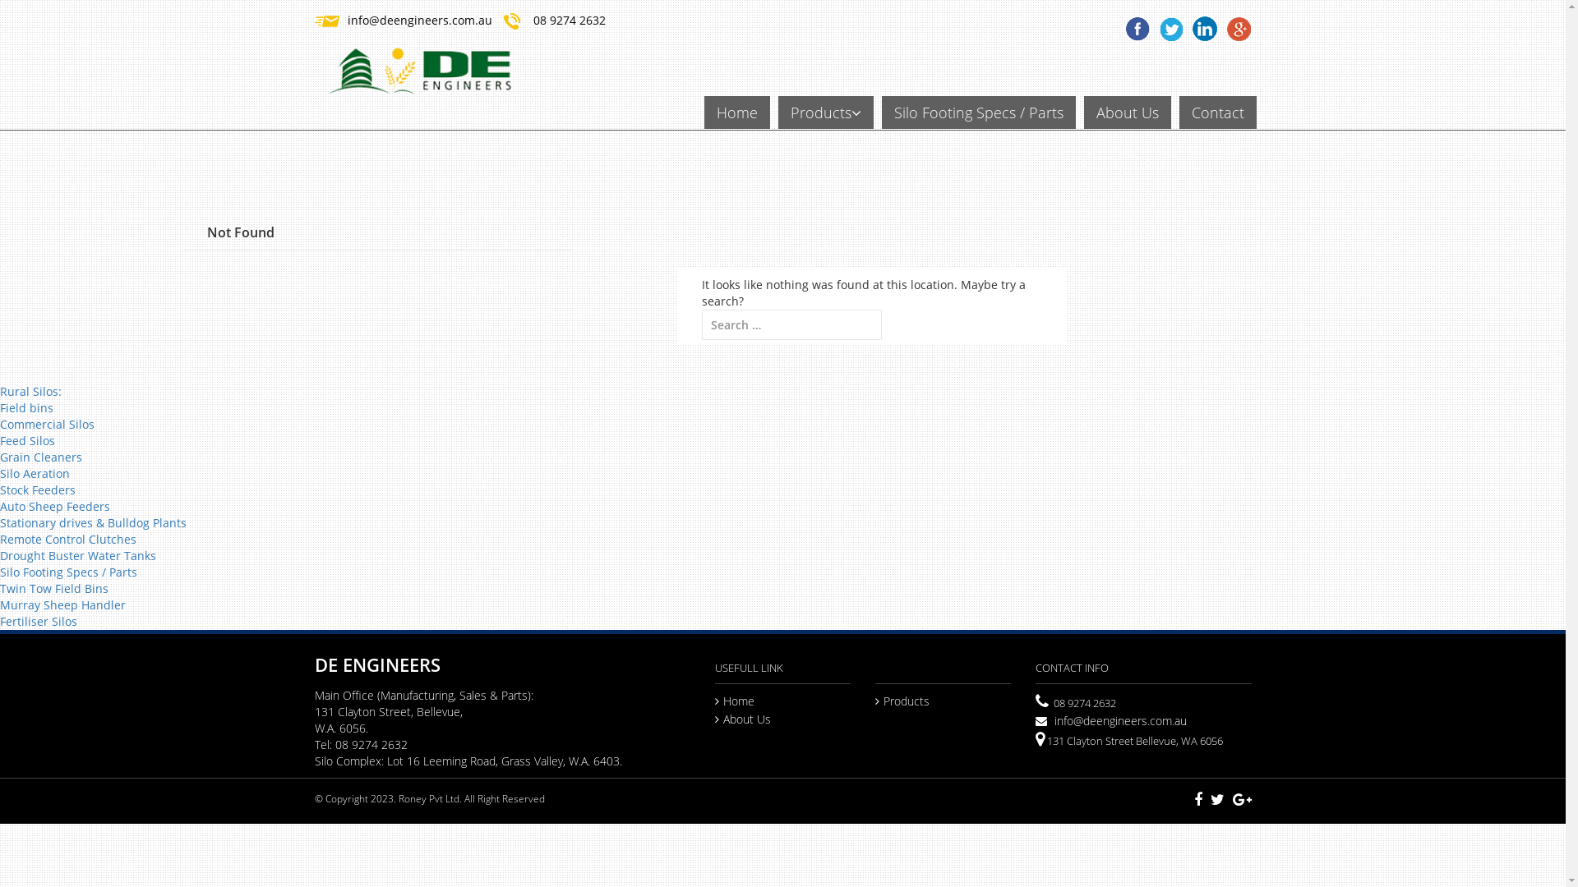  Describe the element at coordinates (0, 571) in the screenshot. I see `'Silo Footing Specs / Parts'` at that location.